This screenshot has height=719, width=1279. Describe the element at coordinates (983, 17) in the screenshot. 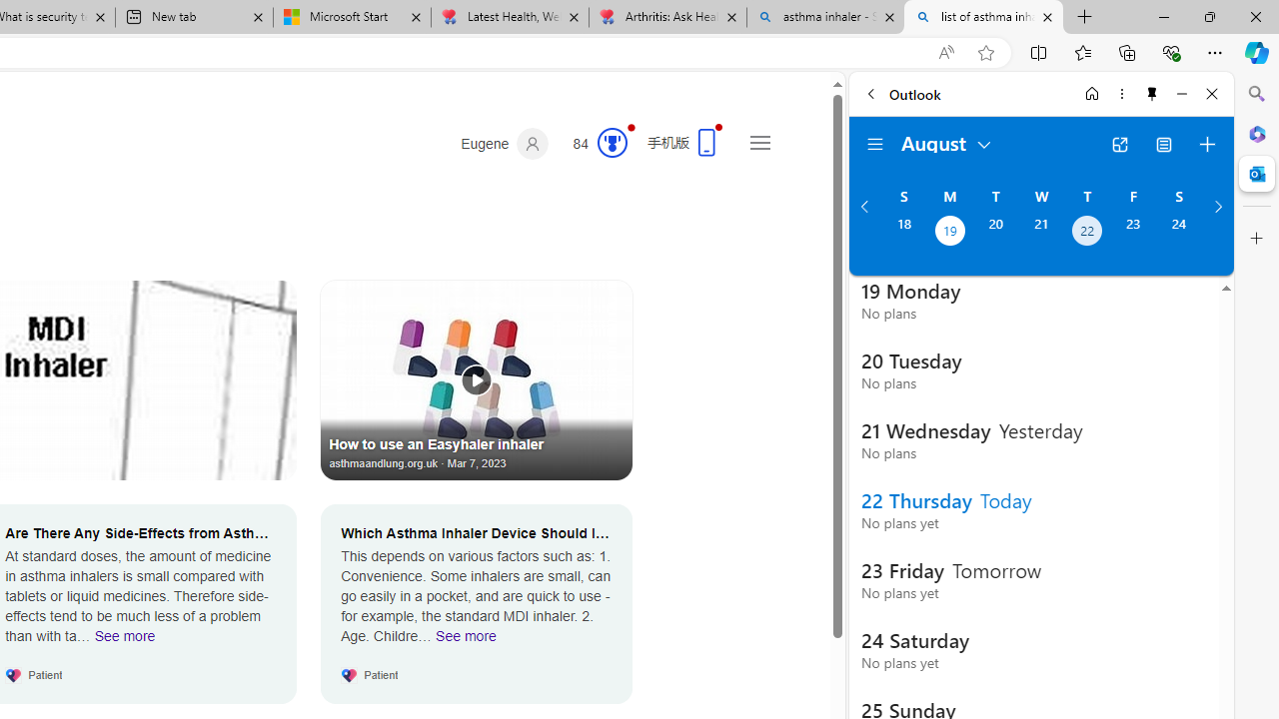

I see `'list of asthma inhalers uk - Search'` at that location.